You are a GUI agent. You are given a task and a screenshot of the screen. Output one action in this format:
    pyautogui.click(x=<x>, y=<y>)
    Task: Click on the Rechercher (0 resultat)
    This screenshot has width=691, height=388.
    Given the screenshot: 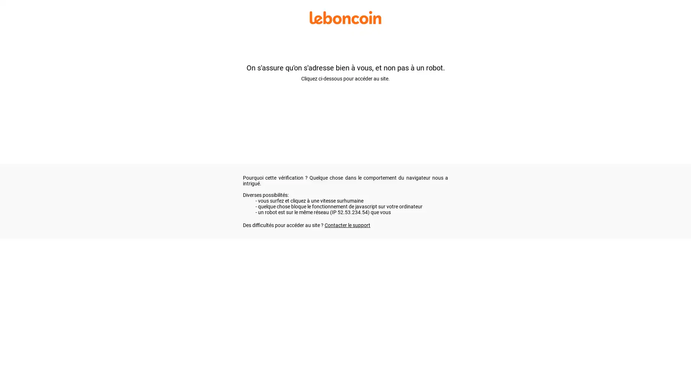 What is the action you would take?
    pyautogui.click(x=345, y=130)
    